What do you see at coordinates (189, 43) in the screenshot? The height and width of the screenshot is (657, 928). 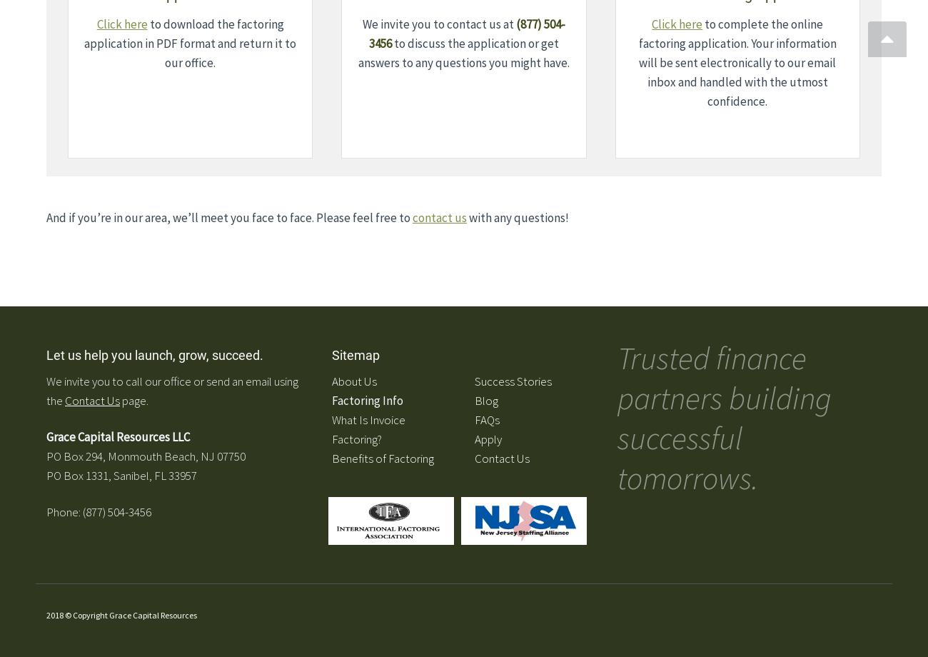 I see `'to download the factoring application in PDF format and return it to our office.'` at bounding box center [189, 43].